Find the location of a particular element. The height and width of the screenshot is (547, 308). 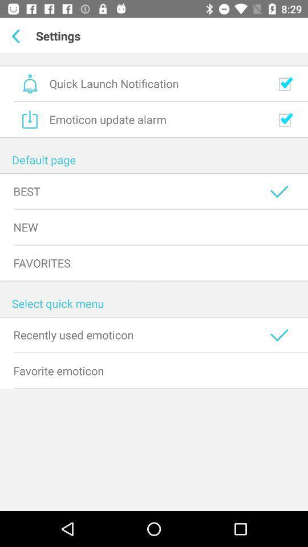

remove check is located at coordinates (285, 120).